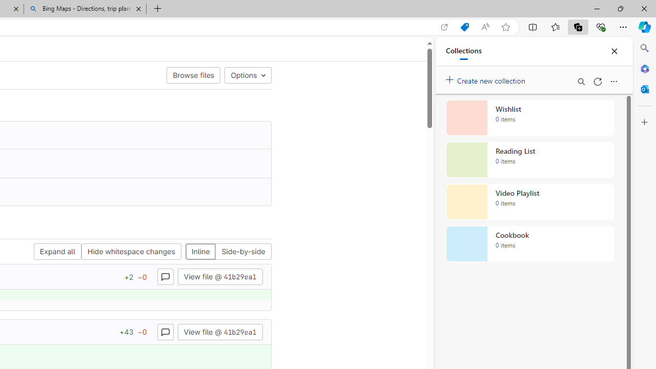 This screenshot has height=369, width=656. I want to click on 'Shopping in Microsoft Edge', so click(464, 27).